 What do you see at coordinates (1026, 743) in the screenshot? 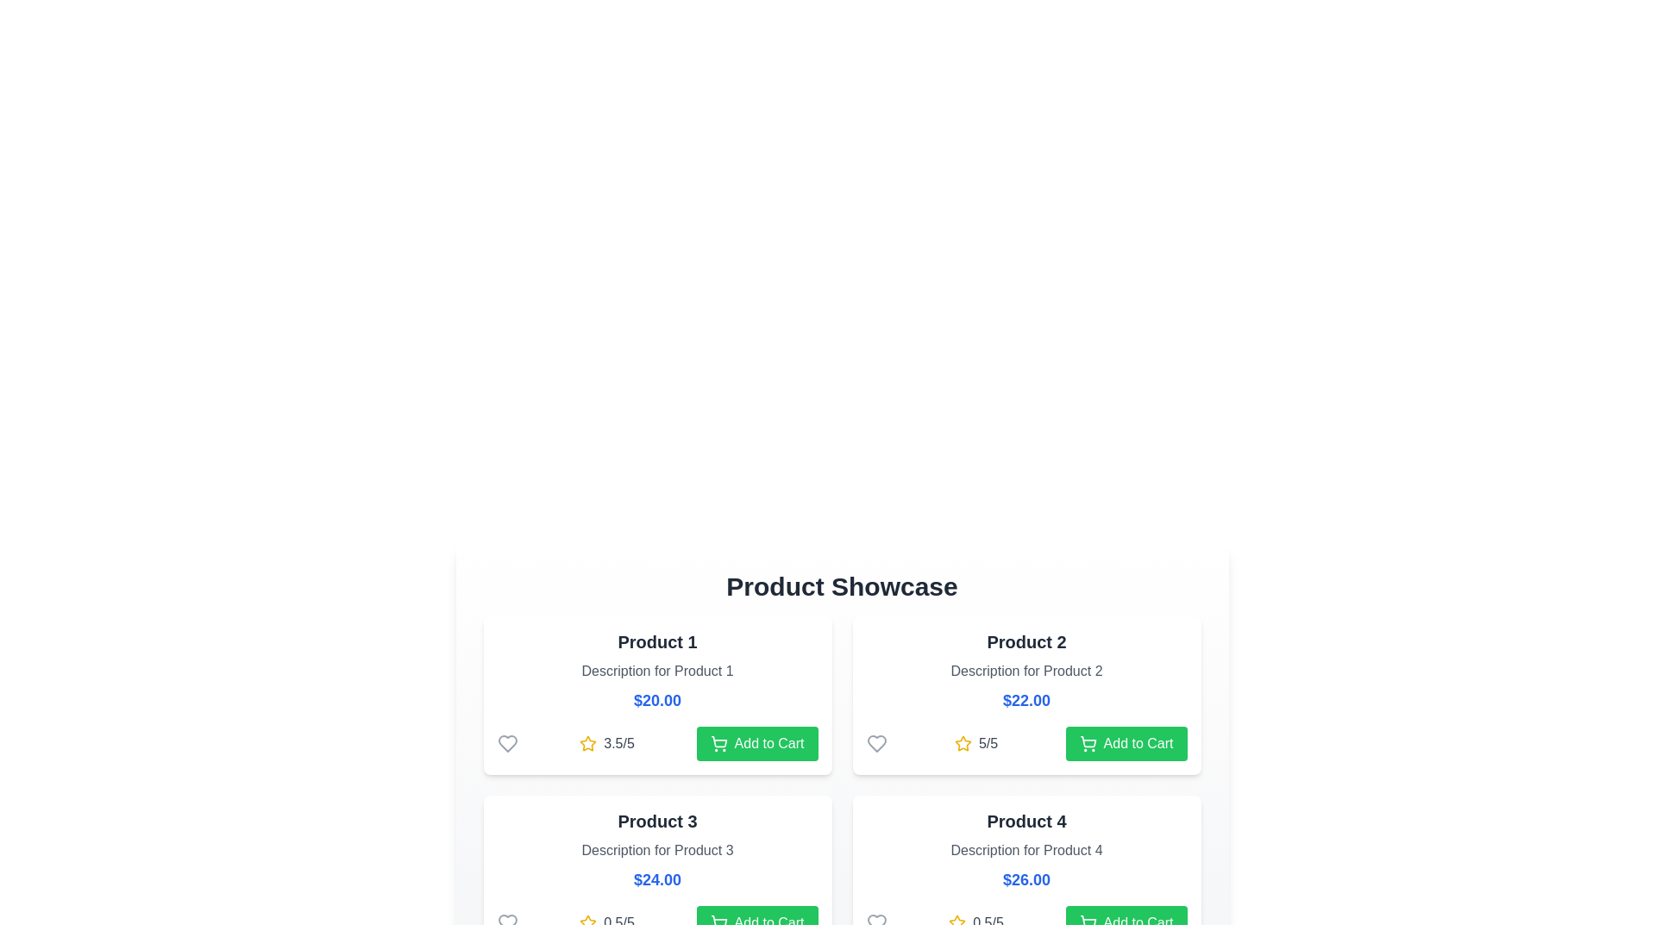
I see `rating display text label showing '5/5', located in the central bottom section of the 'Product 2' tile, between a heart icon and an 'Add to Cart' button` at bounding box center [1026, 743].